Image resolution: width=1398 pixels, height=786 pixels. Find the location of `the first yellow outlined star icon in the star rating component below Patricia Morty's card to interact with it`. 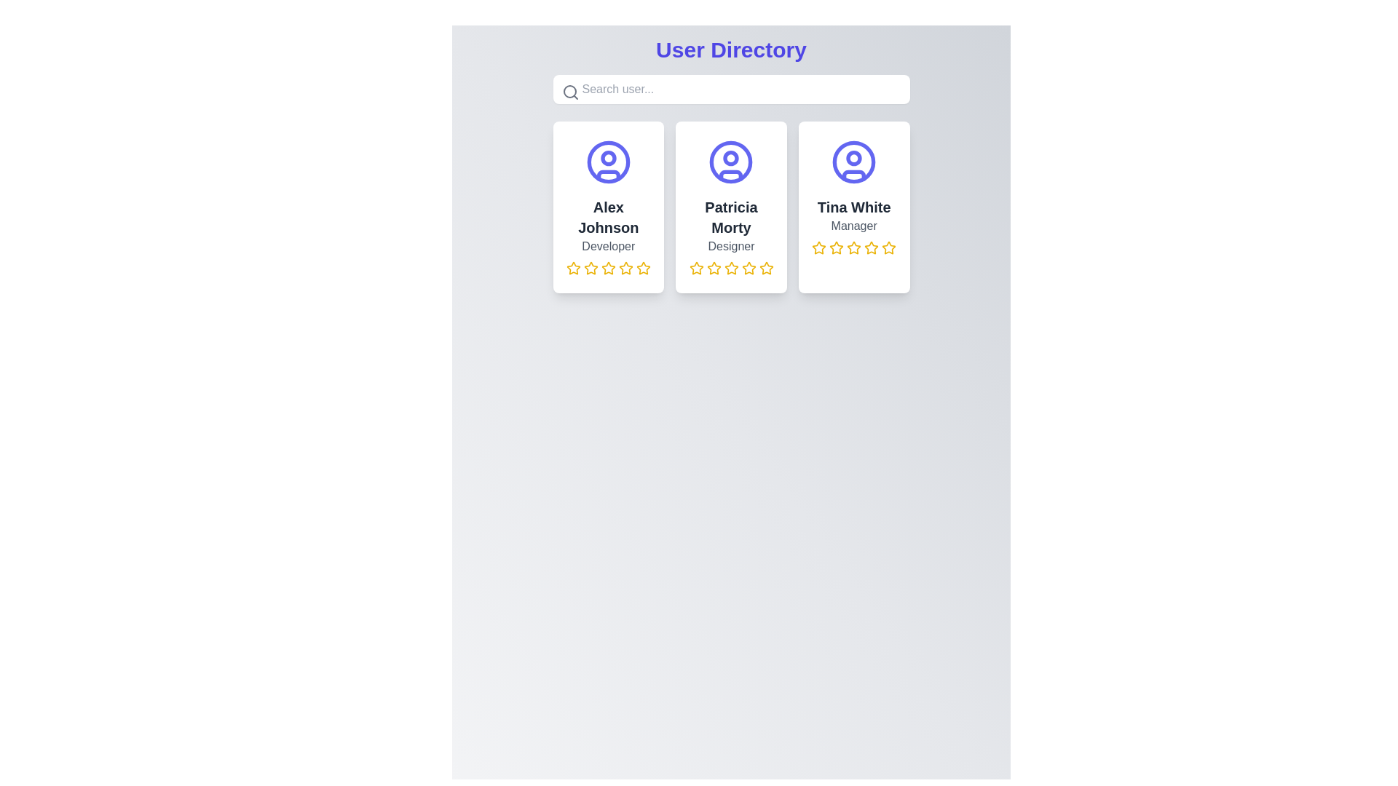

the first yellow outlined star icon in the star rating component below Patricia Morty's card to interact with it is located at coordinates (695, 269).